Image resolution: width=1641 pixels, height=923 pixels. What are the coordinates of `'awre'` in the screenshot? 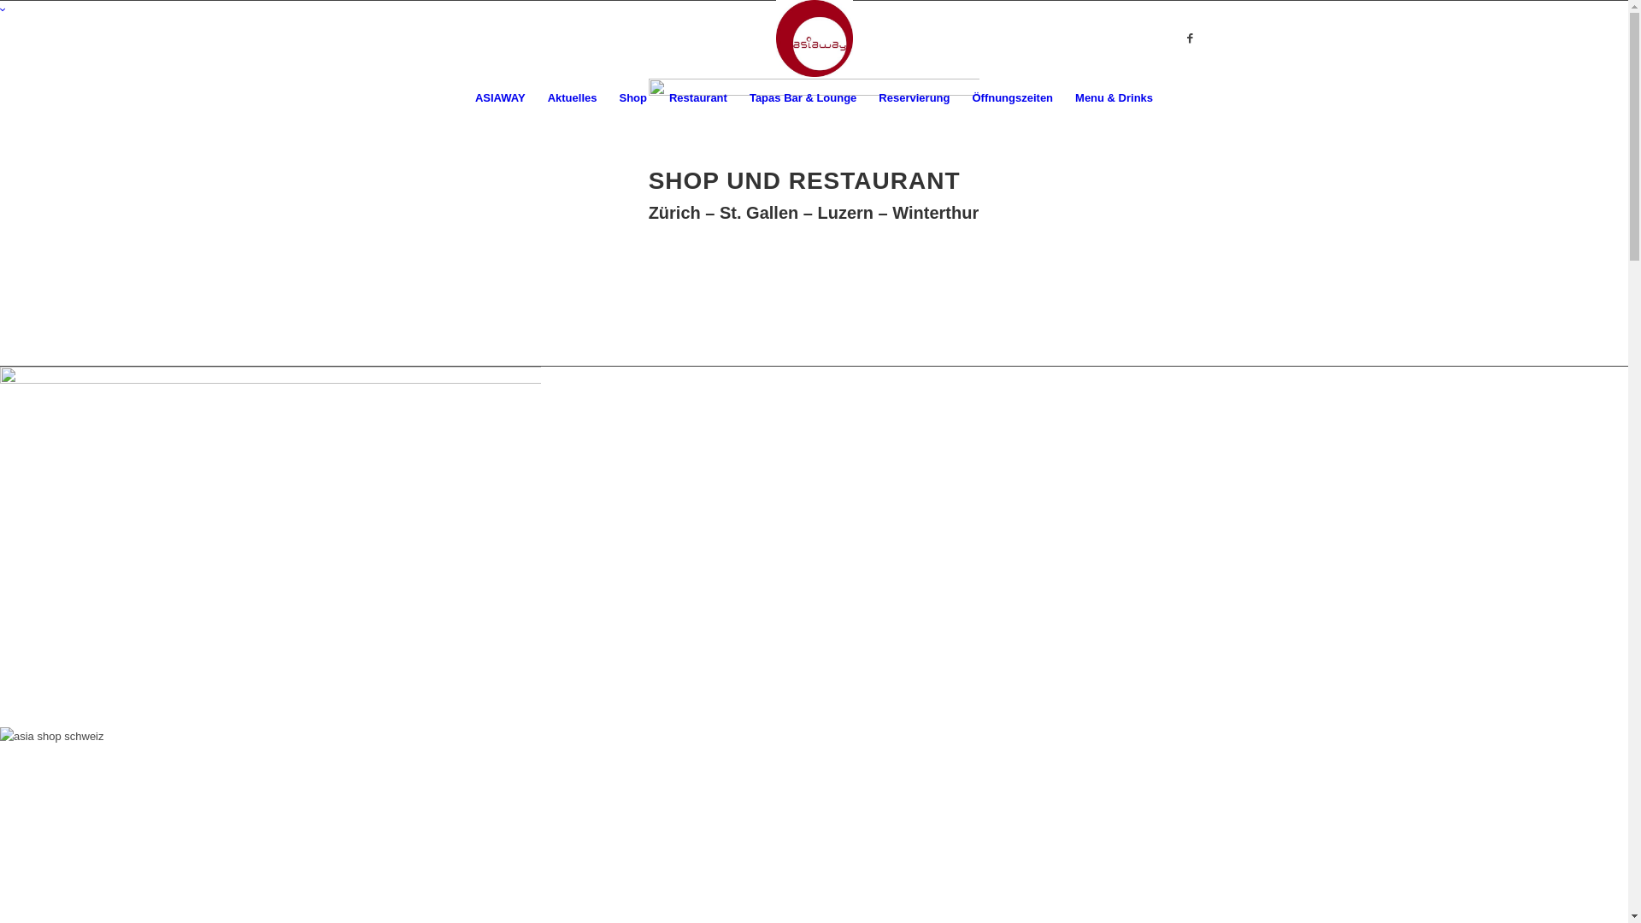 It's located at (814, 122).